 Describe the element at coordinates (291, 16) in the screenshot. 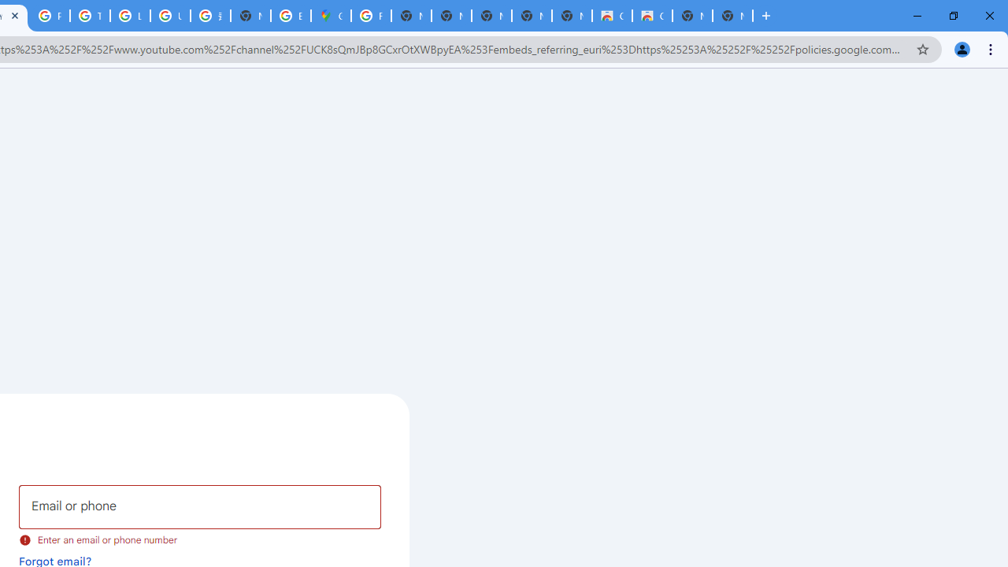

I see `'Explore new street-level details - Google Maps Help'` at that location.